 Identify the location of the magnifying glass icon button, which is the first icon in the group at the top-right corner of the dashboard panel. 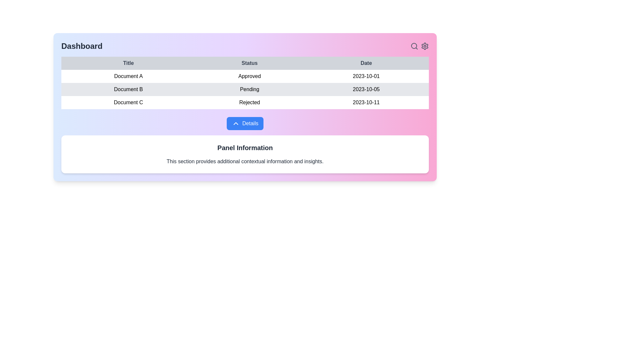
(414, 46).